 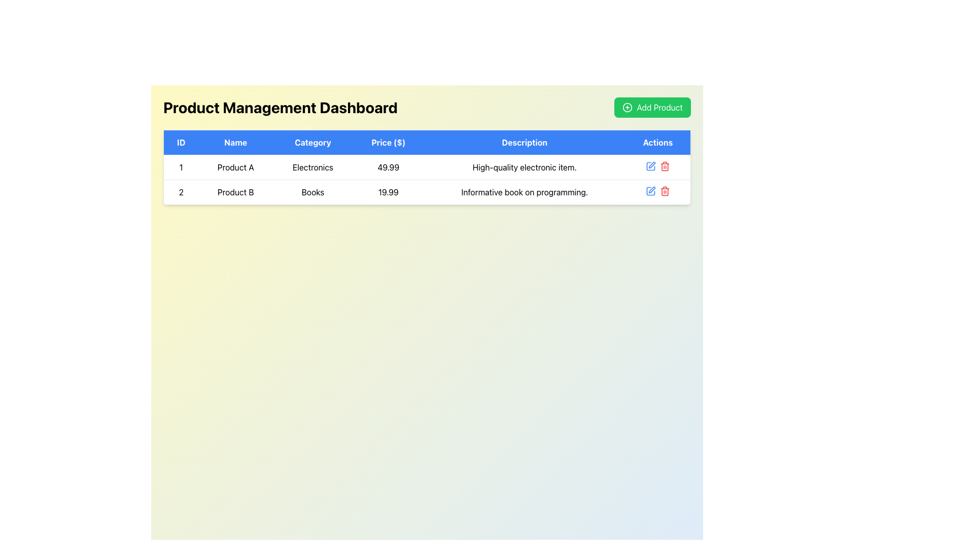 I want to click on the delete icon in the Control group located in the second row of the grid in the 'Actions' column, so click(x=657, y=165).